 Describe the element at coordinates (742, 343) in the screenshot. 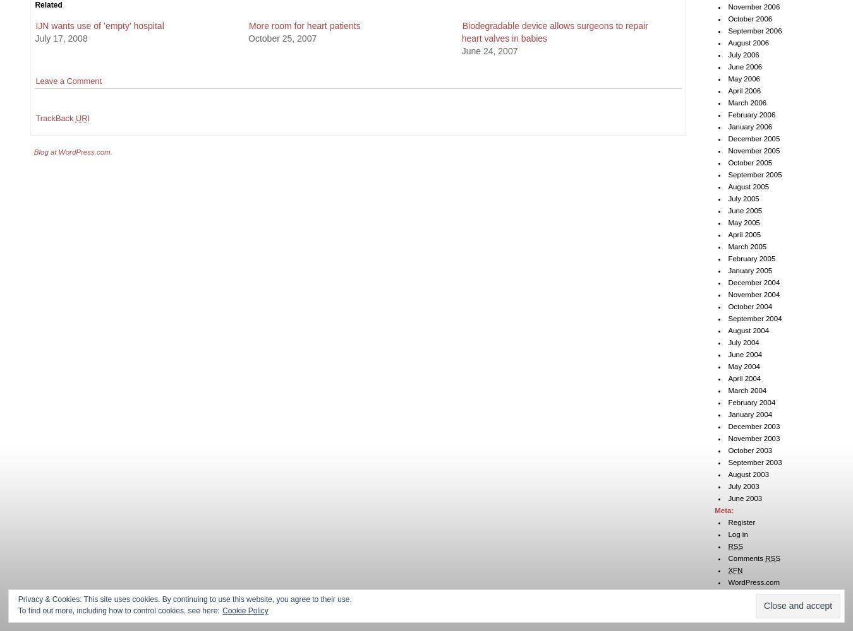

I see `'July 2004'` at that location.